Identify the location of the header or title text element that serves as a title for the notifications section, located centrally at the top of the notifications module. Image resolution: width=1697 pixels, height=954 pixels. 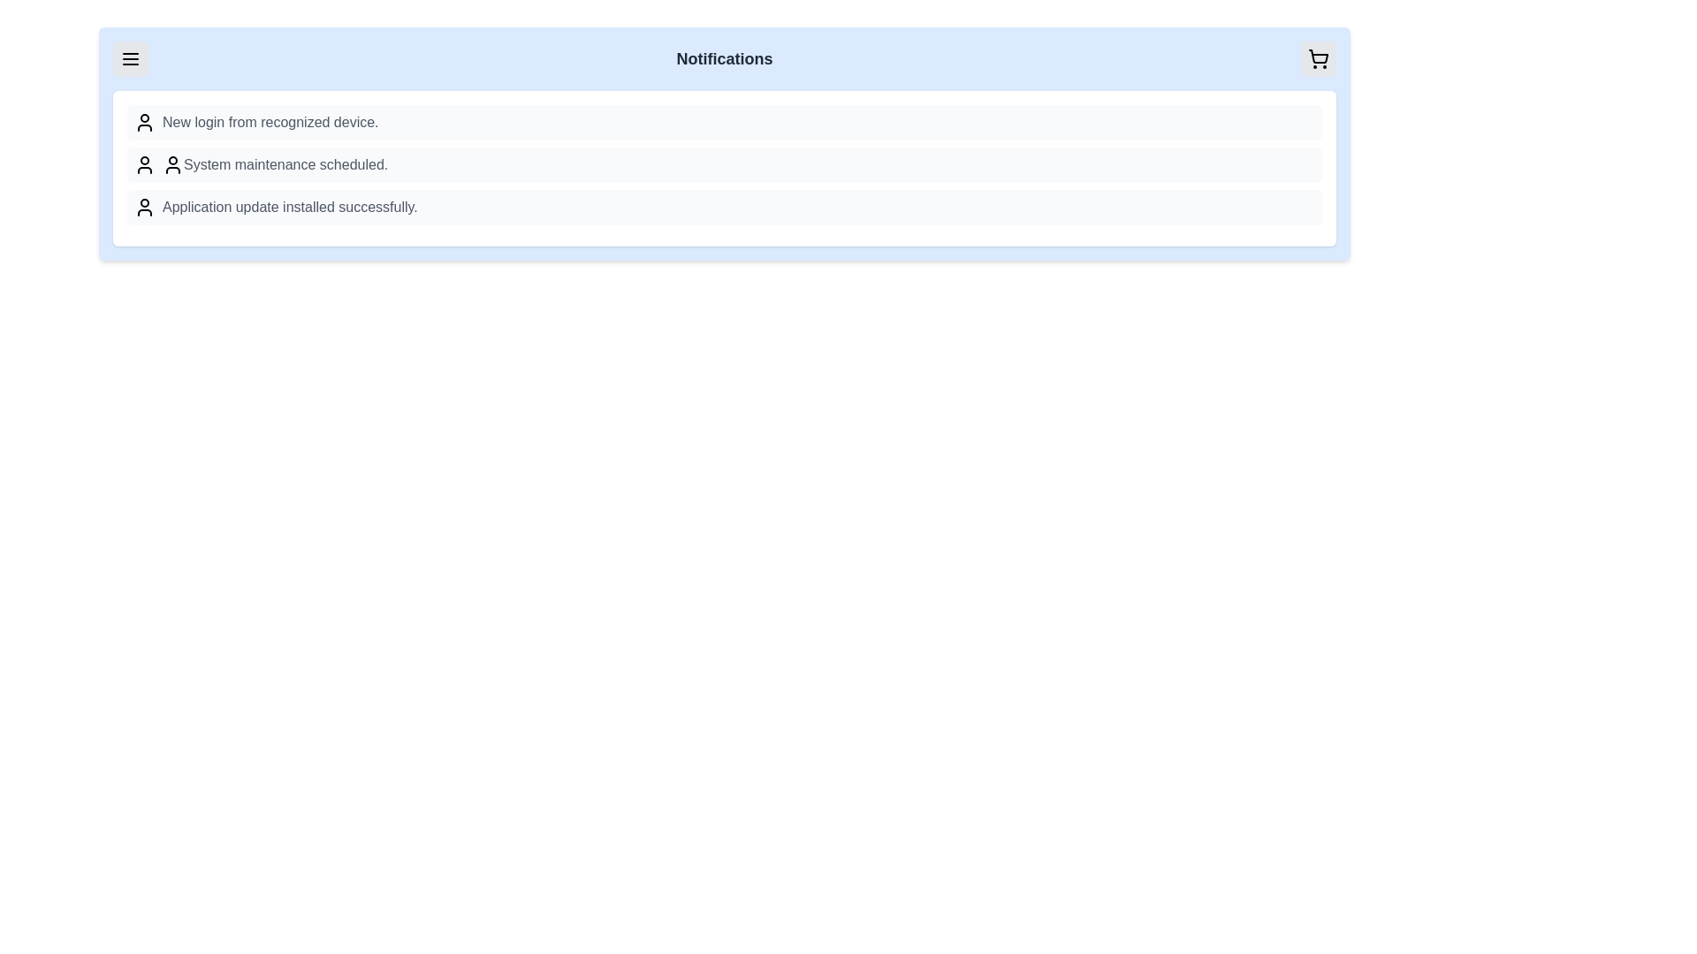
(725, 57).